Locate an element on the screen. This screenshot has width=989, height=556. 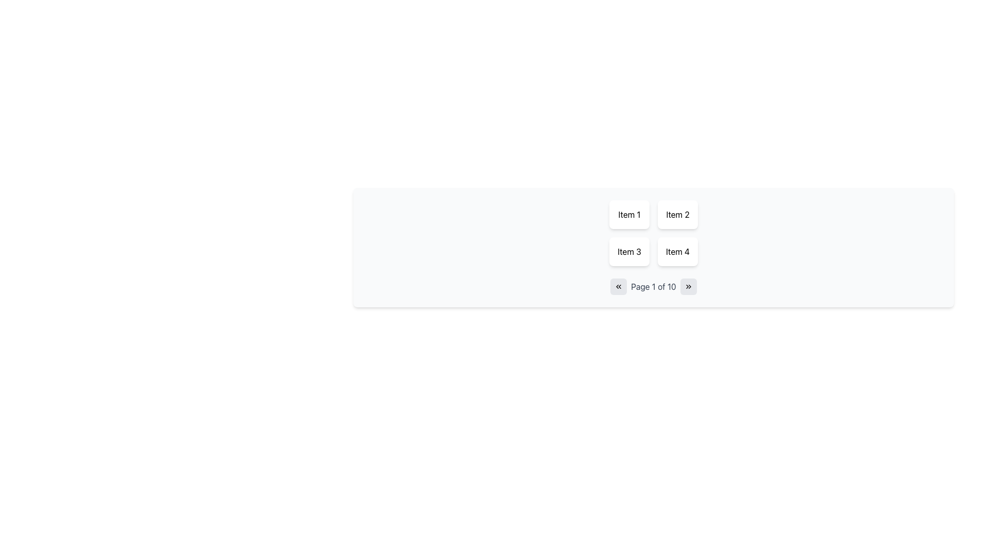
the 'Item 3' selectable button located in the bottom-left quadrant of the grid is located at coordinates (629, 252).